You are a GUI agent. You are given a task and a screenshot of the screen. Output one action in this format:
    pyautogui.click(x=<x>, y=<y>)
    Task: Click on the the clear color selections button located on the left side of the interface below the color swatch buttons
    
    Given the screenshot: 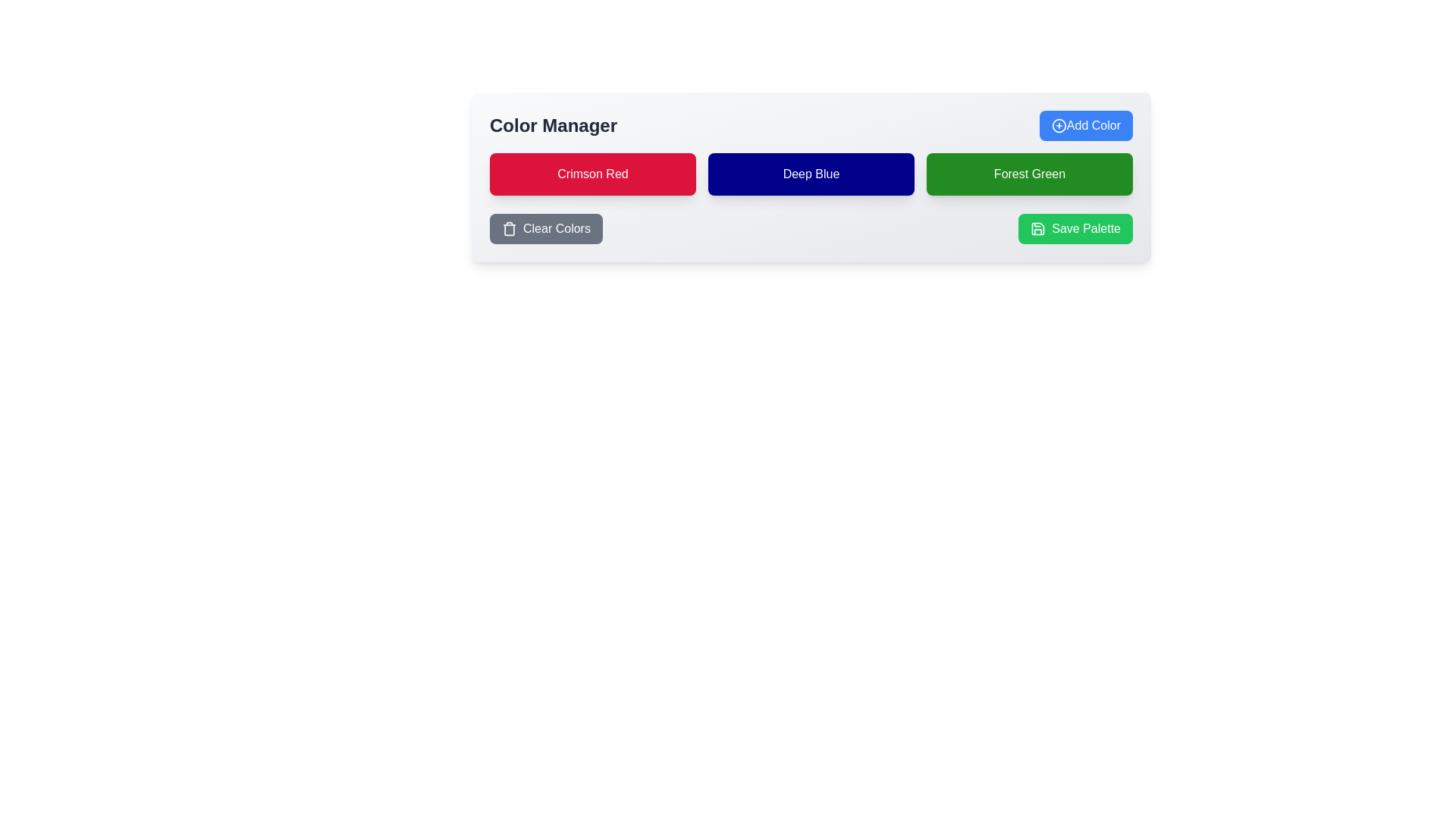 What is the action you would take?
    pyautogui.click(x=546, y=228)
    